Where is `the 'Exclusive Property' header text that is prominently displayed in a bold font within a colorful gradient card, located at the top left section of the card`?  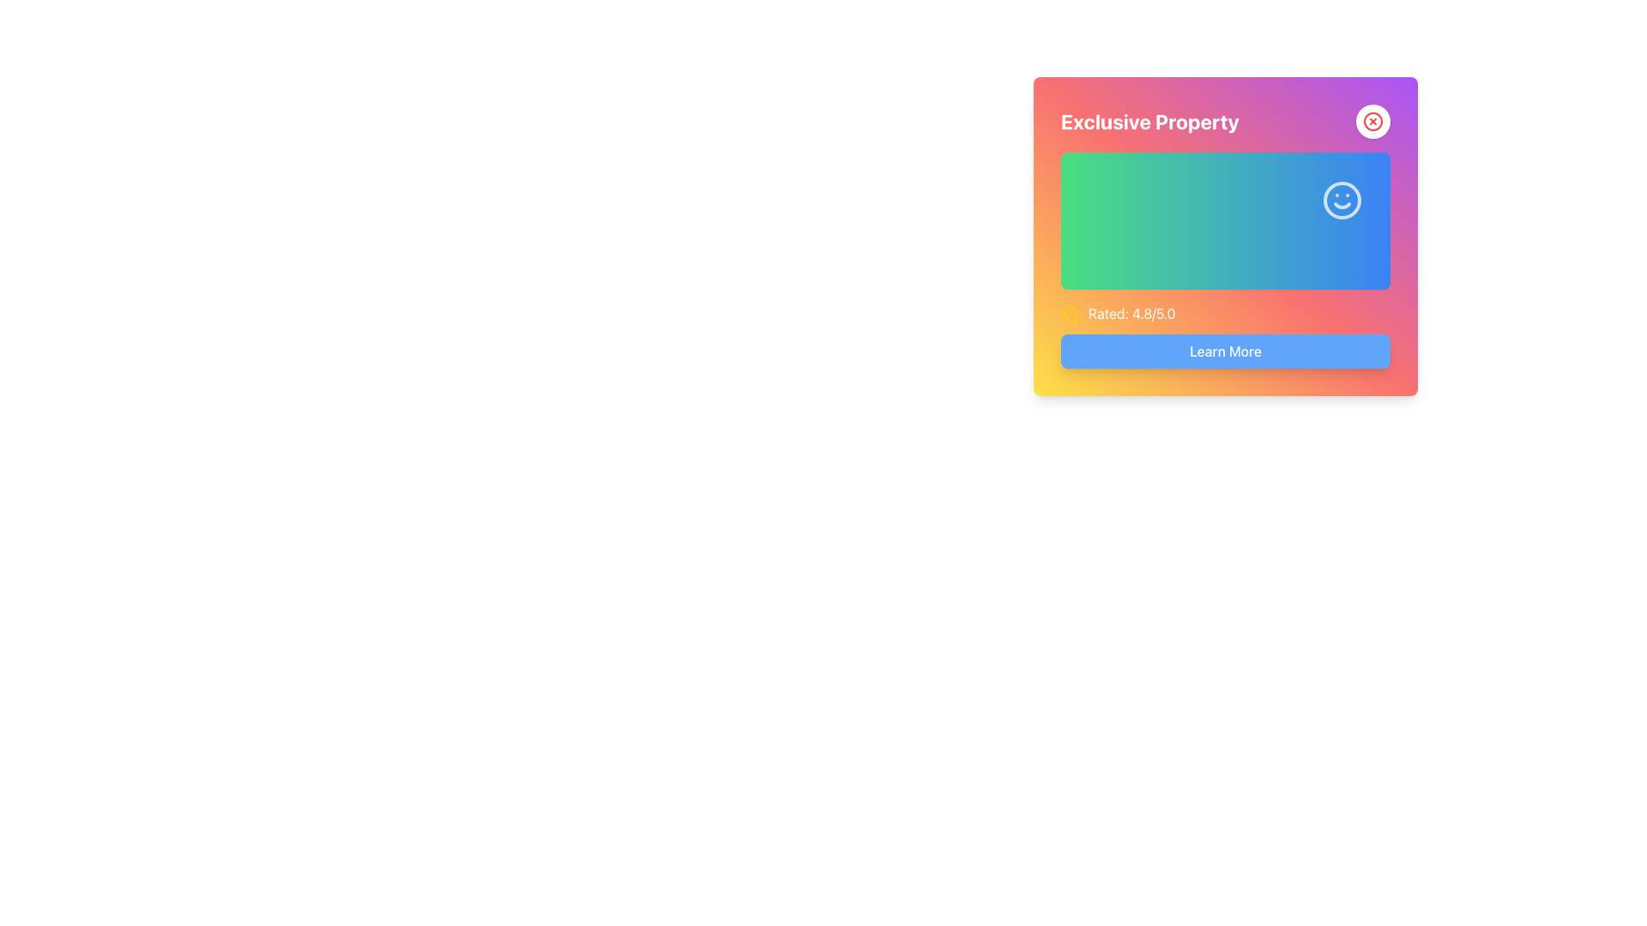
the 'Exclusive Property' header text that is prominently displayed in a bold font within a colorful gradient card, located at the top left section of the card is located at coordinates (1225, 121).